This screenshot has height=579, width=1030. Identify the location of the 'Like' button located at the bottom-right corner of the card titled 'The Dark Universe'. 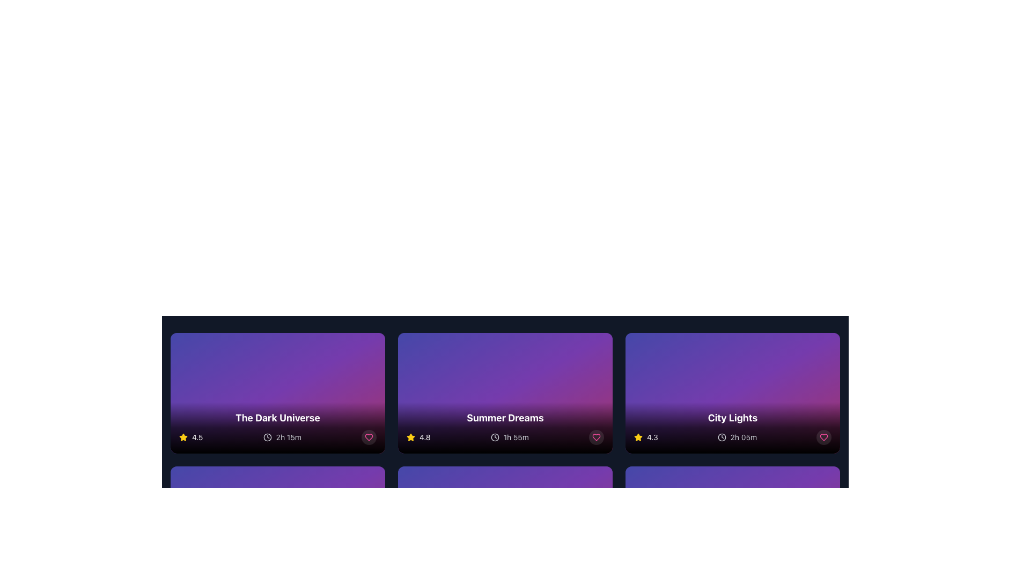
(369, 437).